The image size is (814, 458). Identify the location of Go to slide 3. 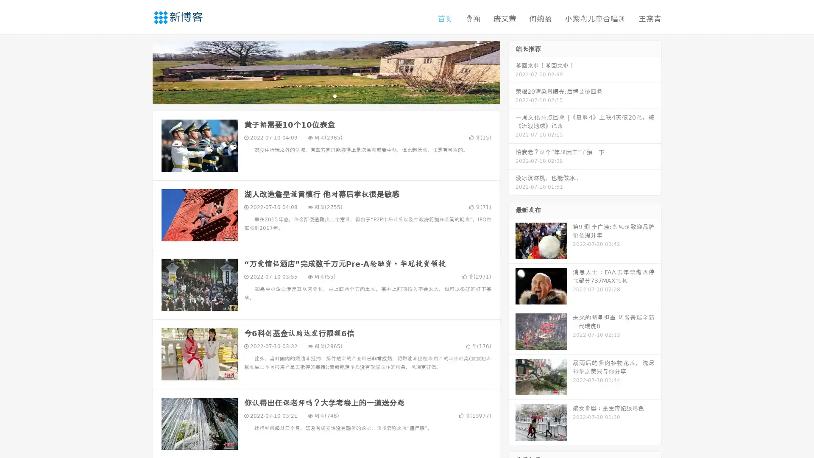
(335, 95).